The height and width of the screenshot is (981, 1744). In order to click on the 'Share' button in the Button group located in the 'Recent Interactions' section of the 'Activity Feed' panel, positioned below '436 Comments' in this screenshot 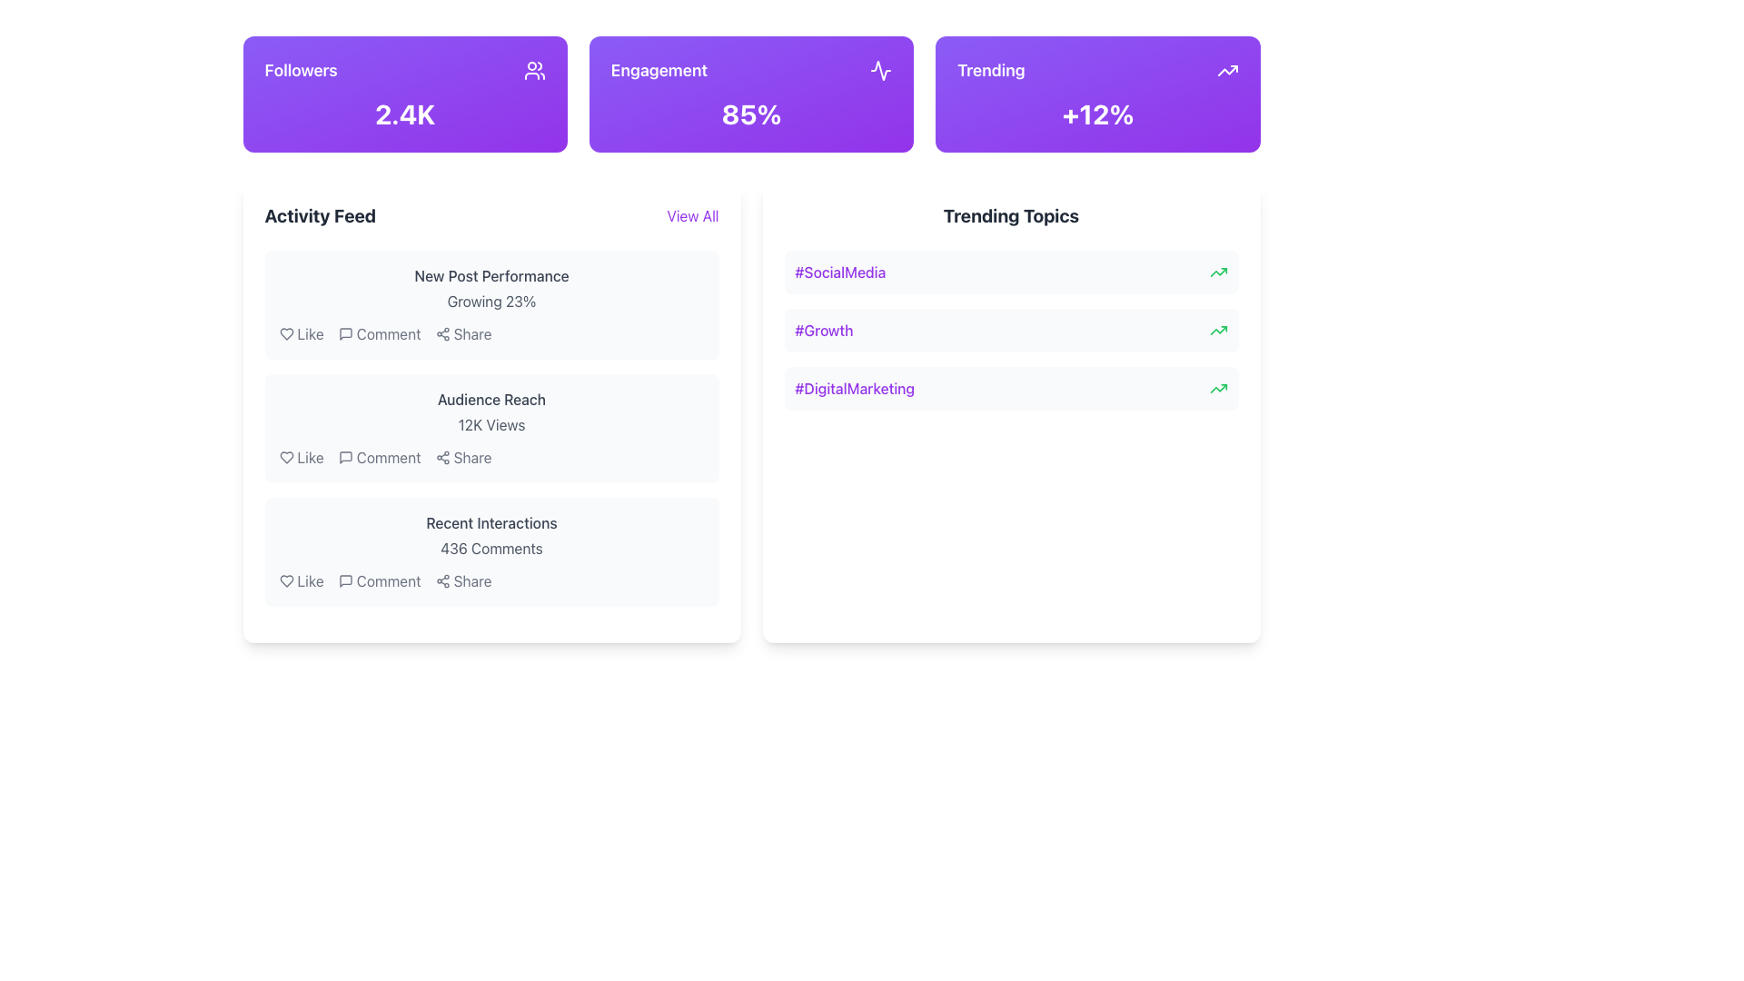, I will do `click(491, 581)`.